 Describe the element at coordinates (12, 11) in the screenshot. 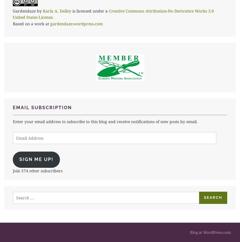

I see `'Gardendaze'` at that location.